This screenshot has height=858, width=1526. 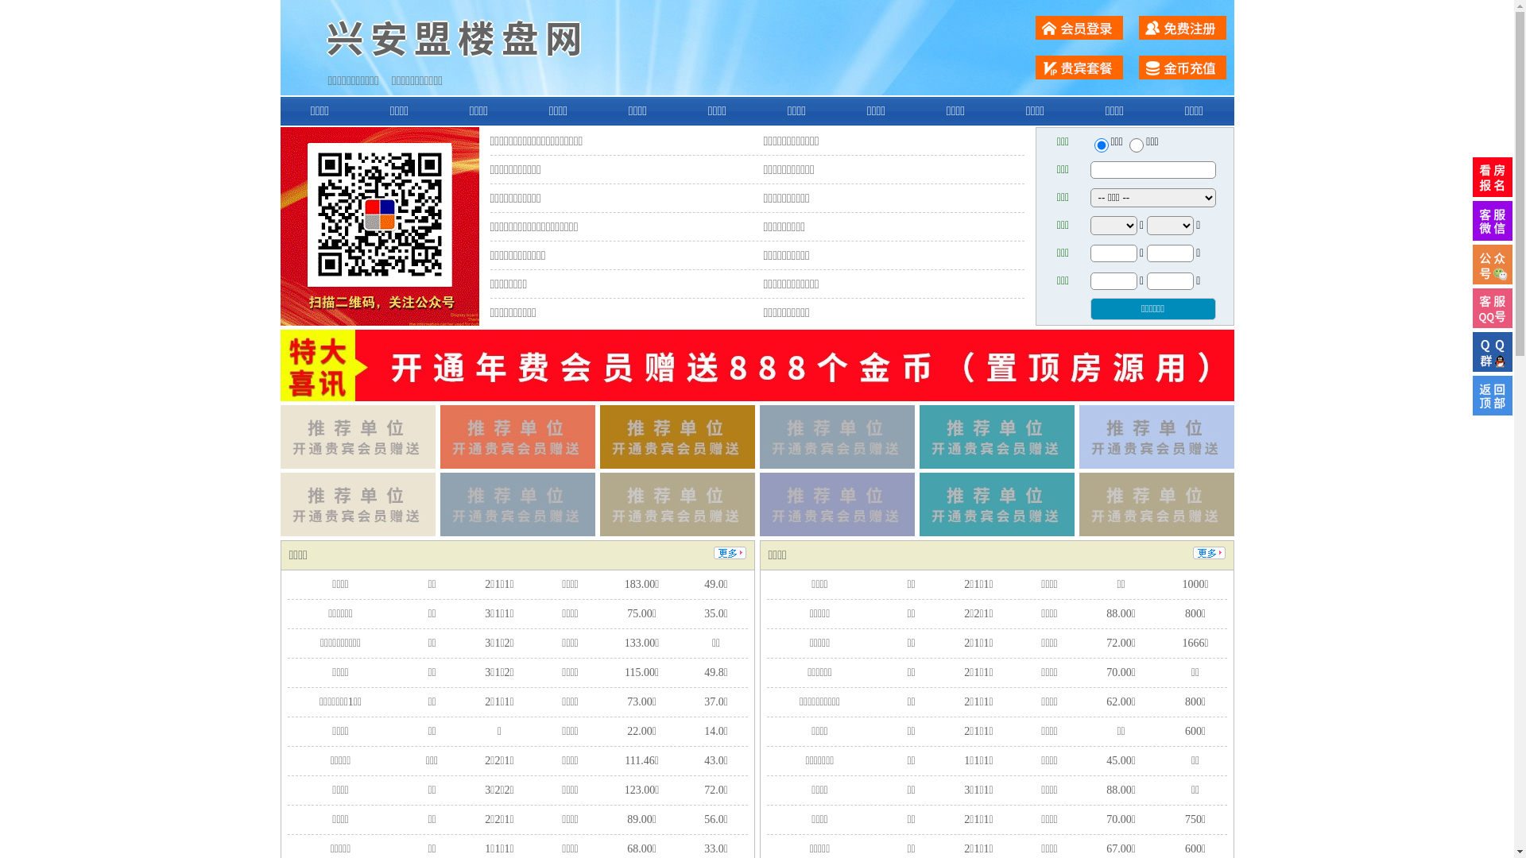 What do you see at coordinates (1100, 145) in the screenshot?
I see `'ershou'` at bounding box center [1100, 145].